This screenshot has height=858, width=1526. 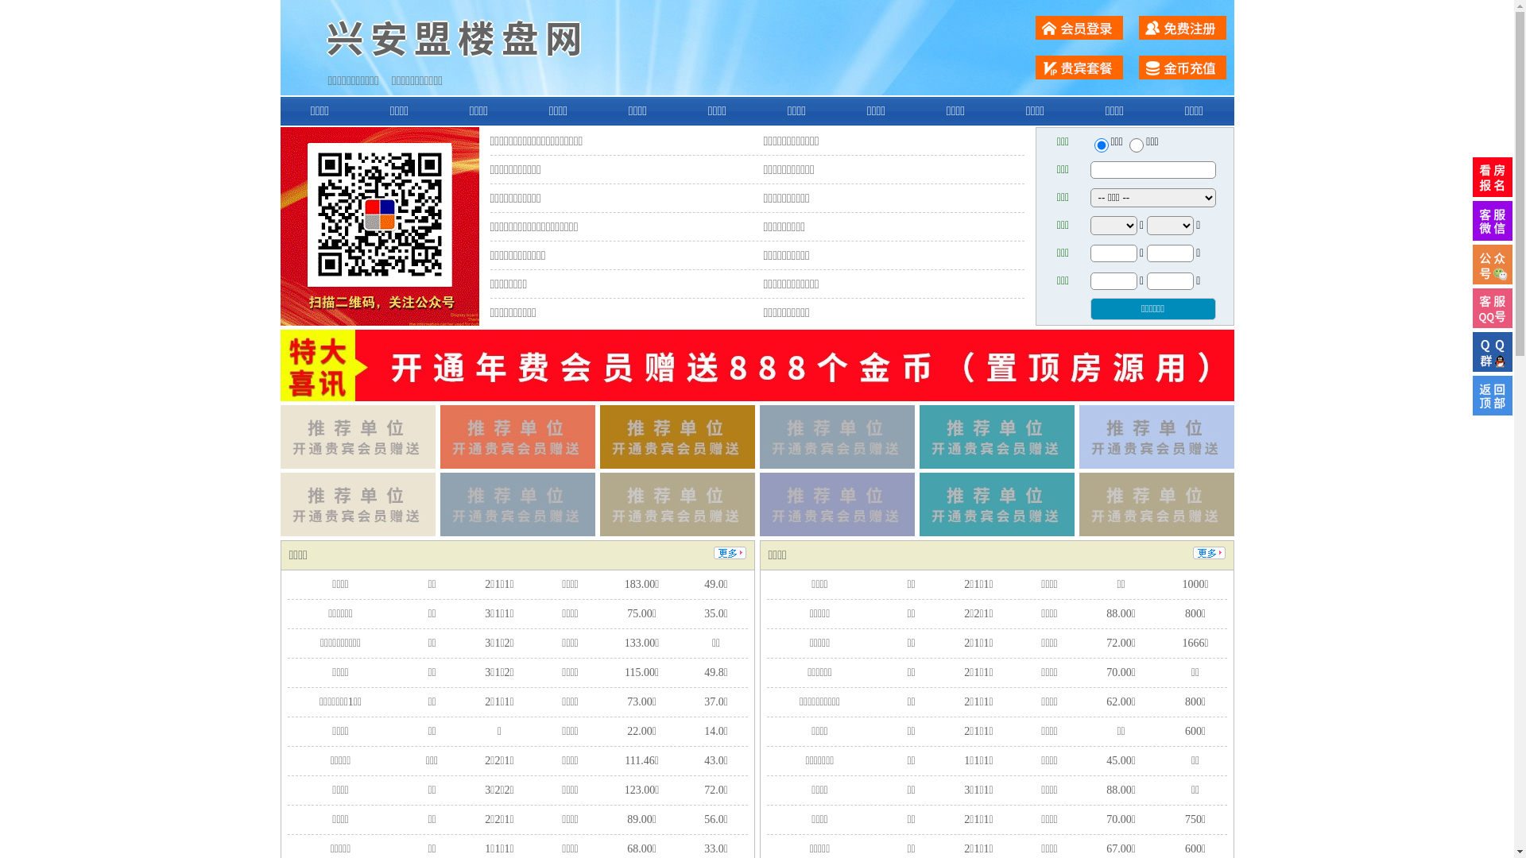 What do you see at coordinates (1100, 145) in the screenshot?
I see `'ershou'` at bounding box center [1100, 145].